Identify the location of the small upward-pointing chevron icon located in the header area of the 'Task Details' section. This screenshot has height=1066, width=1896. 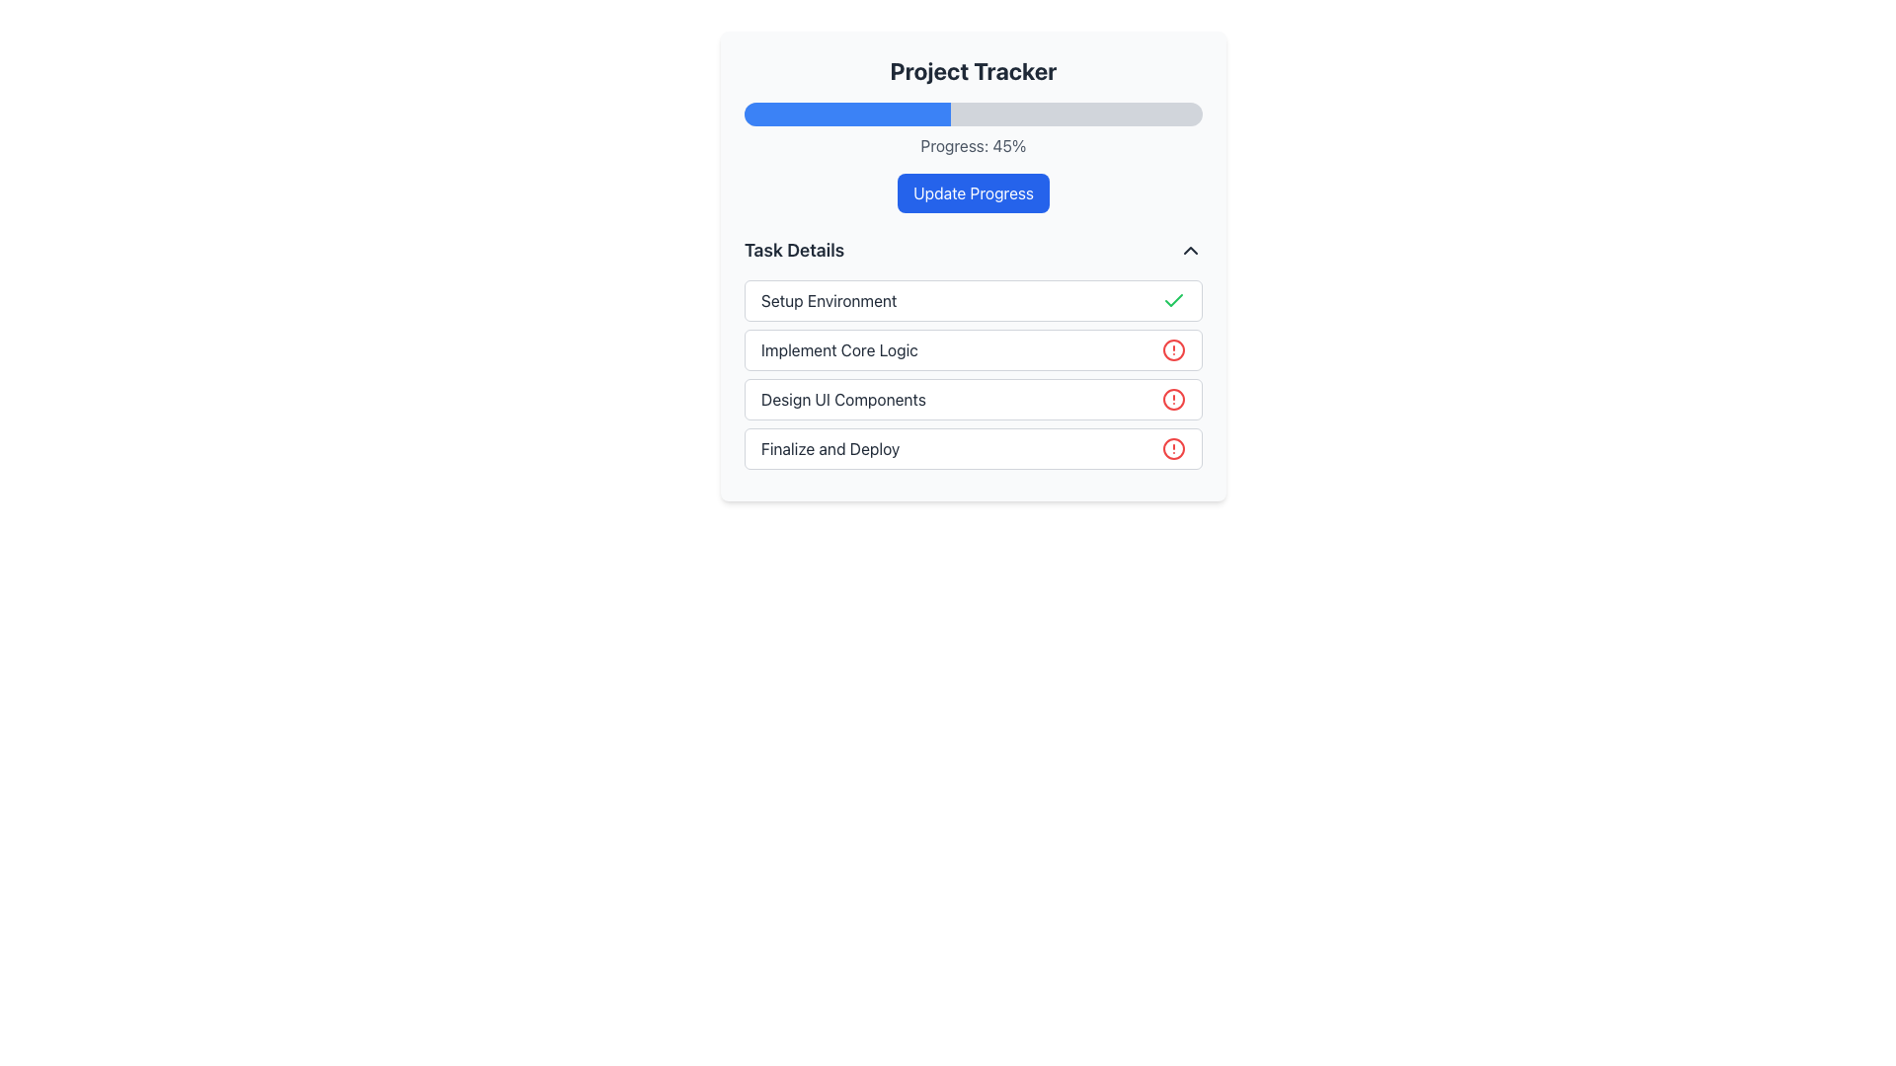
(1189, 250).